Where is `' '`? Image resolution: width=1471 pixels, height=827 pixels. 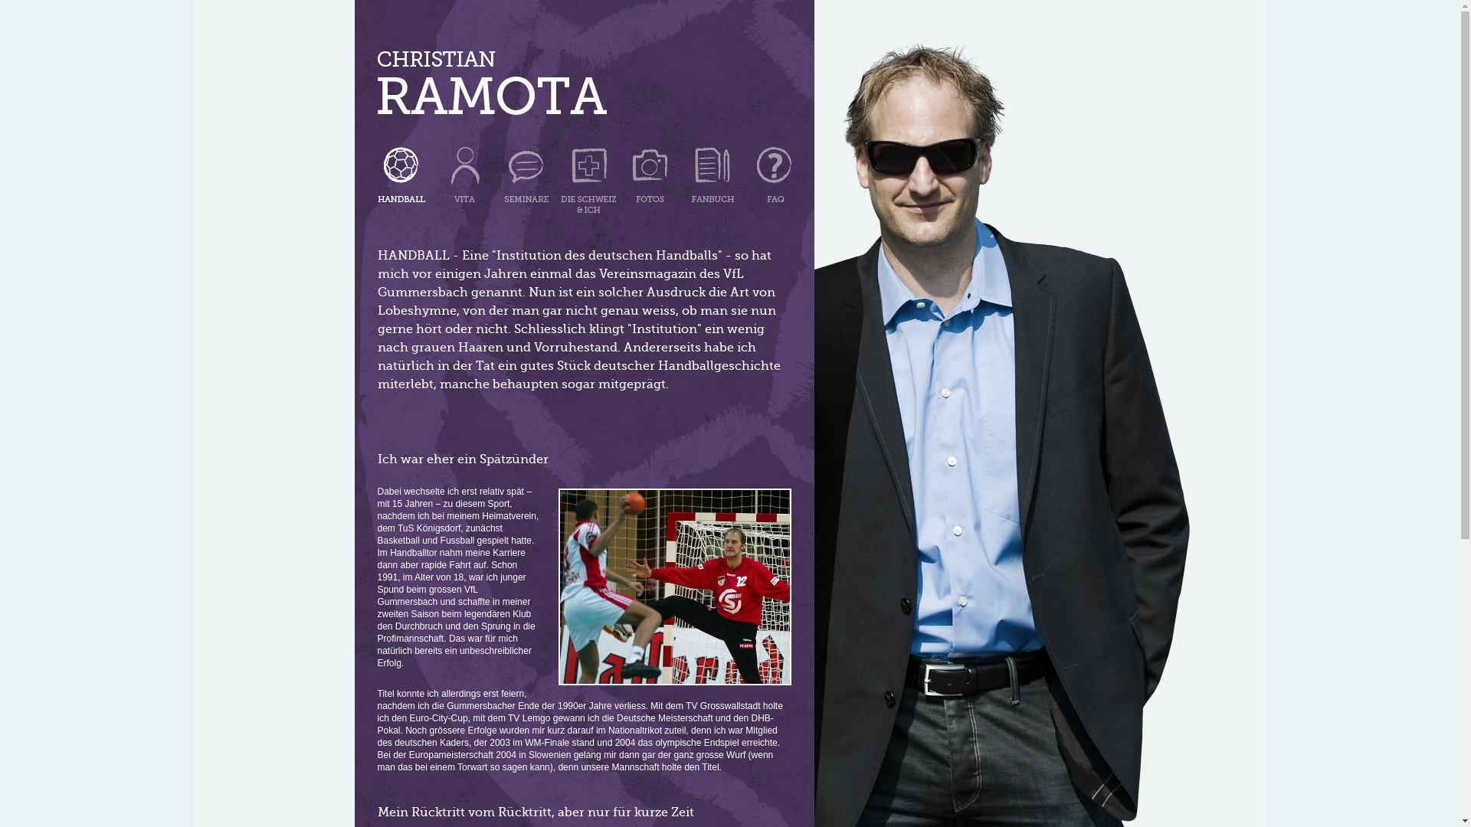 ' ' is located at coordinates (711, 170).